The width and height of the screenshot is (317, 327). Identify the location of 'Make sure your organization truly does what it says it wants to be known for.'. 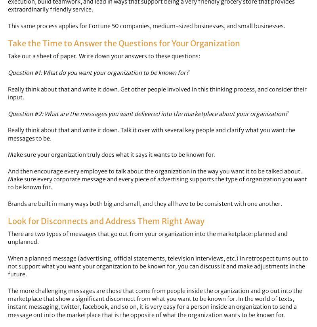
(112, 154).